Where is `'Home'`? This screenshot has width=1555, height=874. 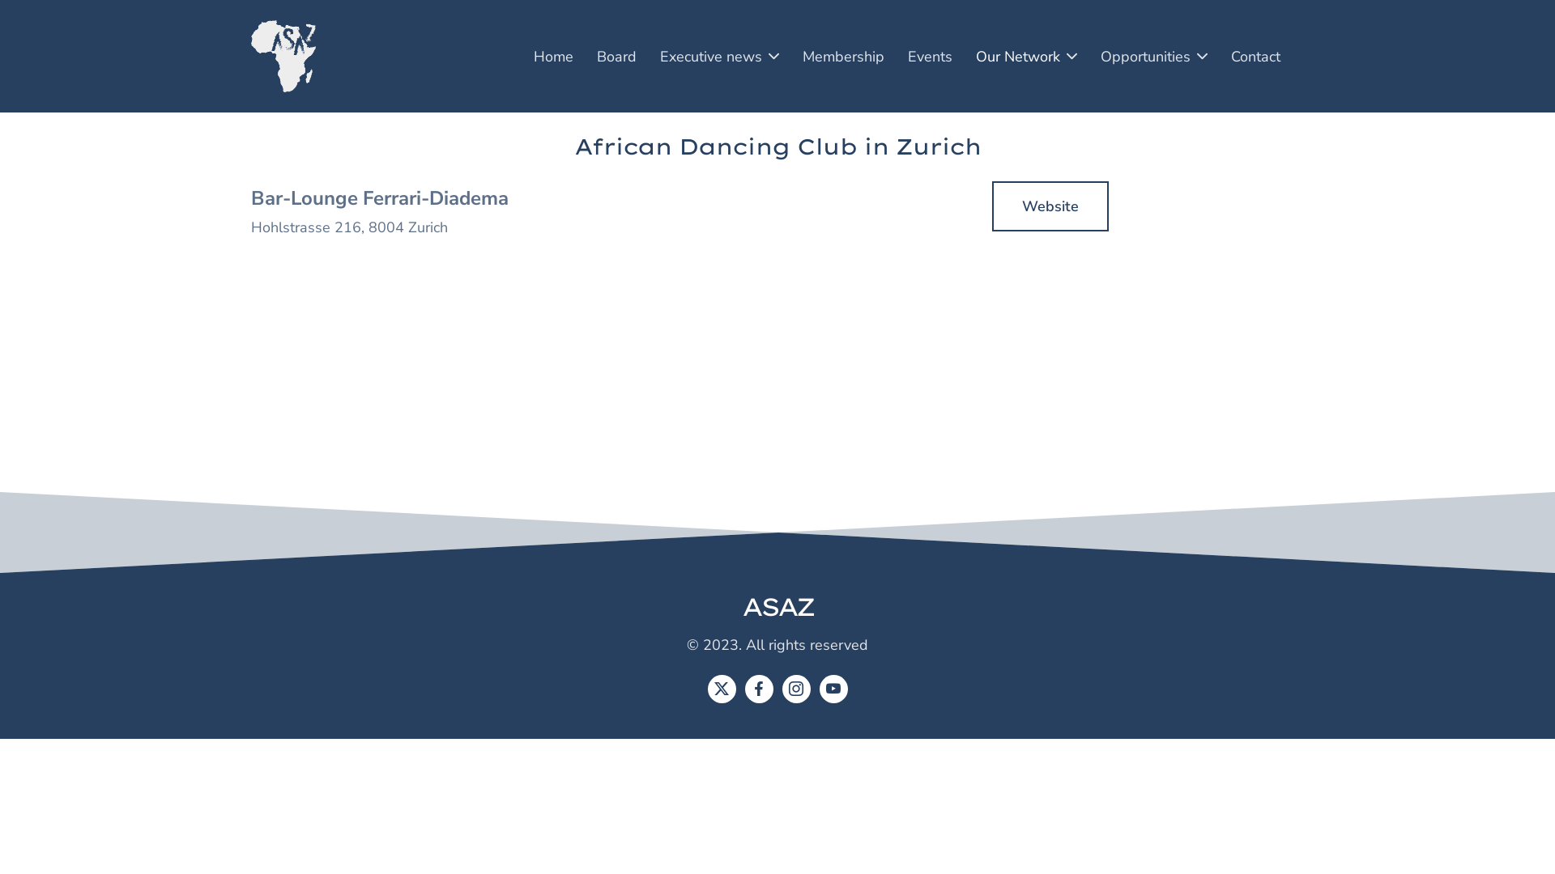 'Home' is located at coordinates (553, 55).